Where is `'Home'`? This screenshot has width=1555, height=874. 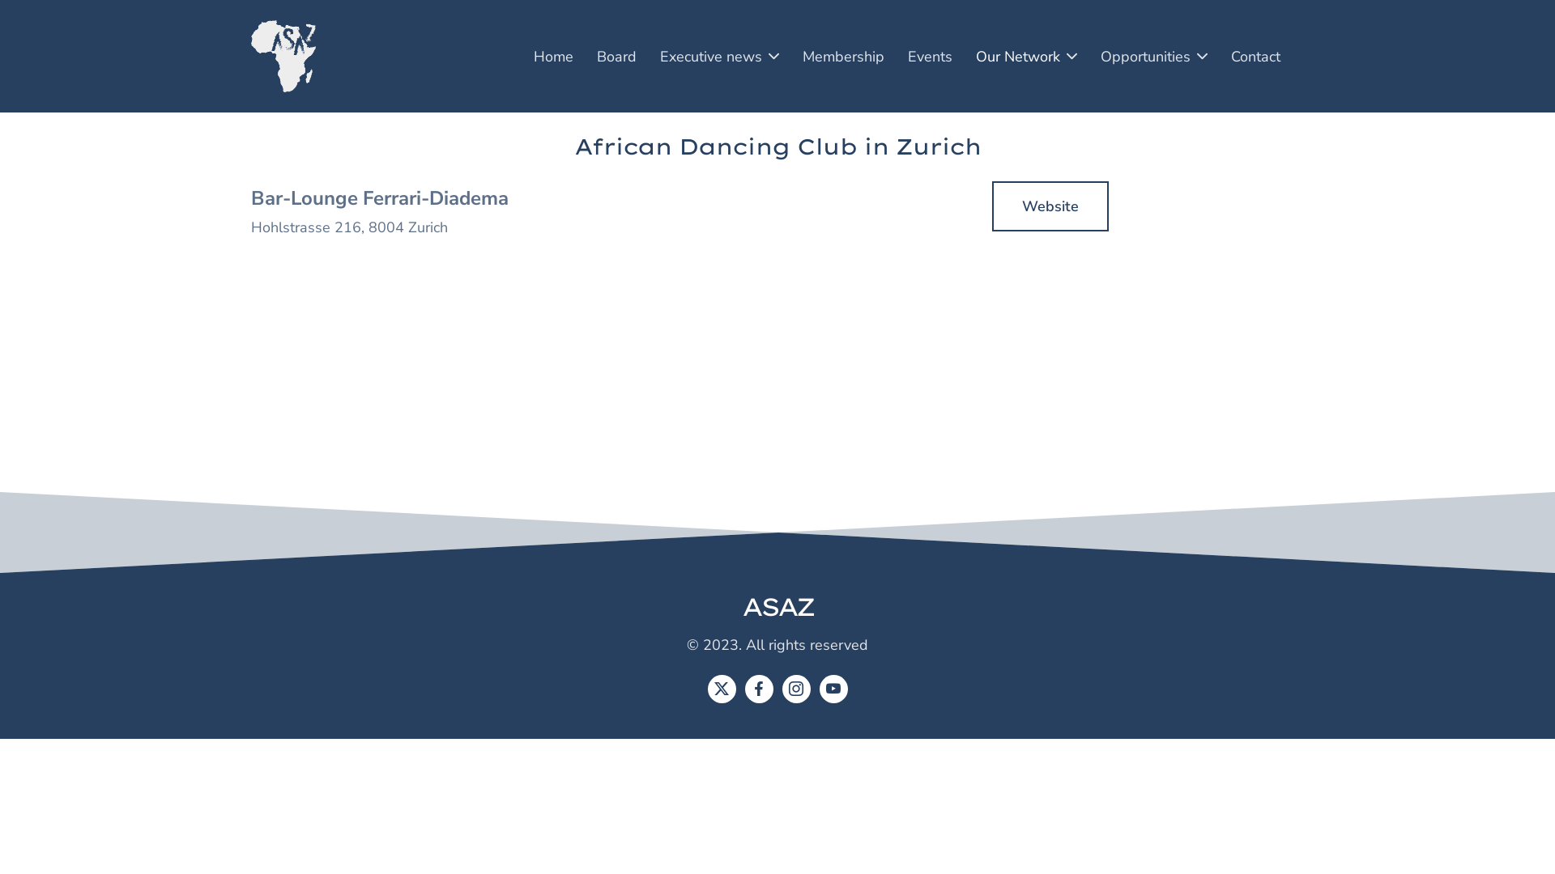 'Home' is located at coordinates (553, 55).